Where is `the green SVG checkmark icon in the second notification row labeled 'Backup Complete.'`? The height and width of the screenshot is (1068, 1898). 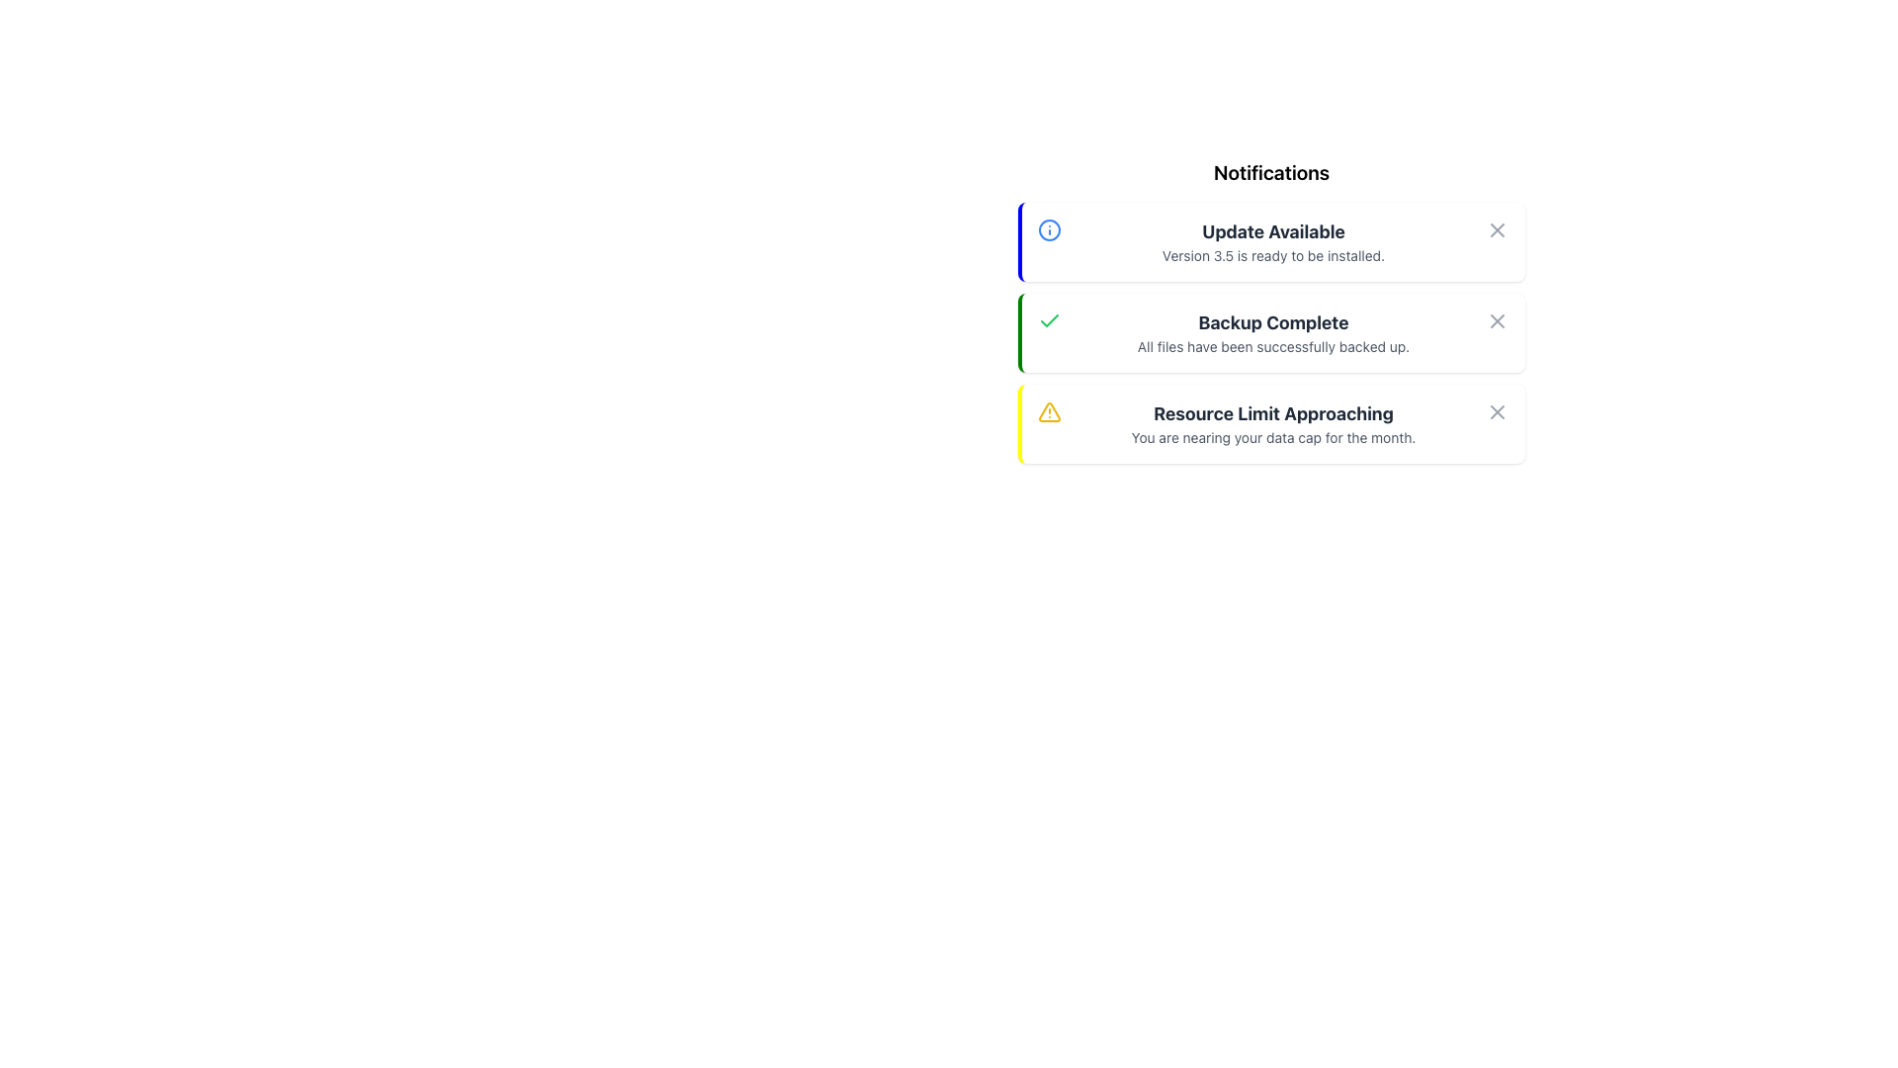 the green SVG checkmark icon in the second notification row labeled 'Backup Complete.' is located at coordinates (1048, 319).